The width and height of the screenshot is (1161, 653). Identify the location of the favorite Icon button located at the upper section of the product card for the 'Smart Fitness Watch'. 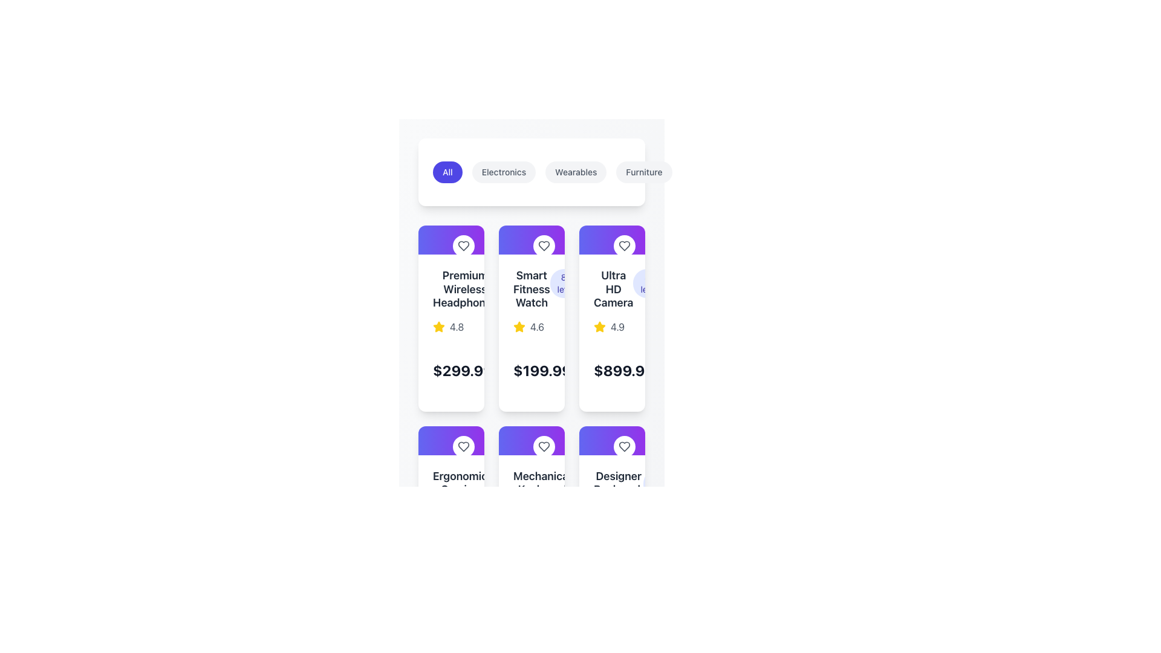
(532, 240).